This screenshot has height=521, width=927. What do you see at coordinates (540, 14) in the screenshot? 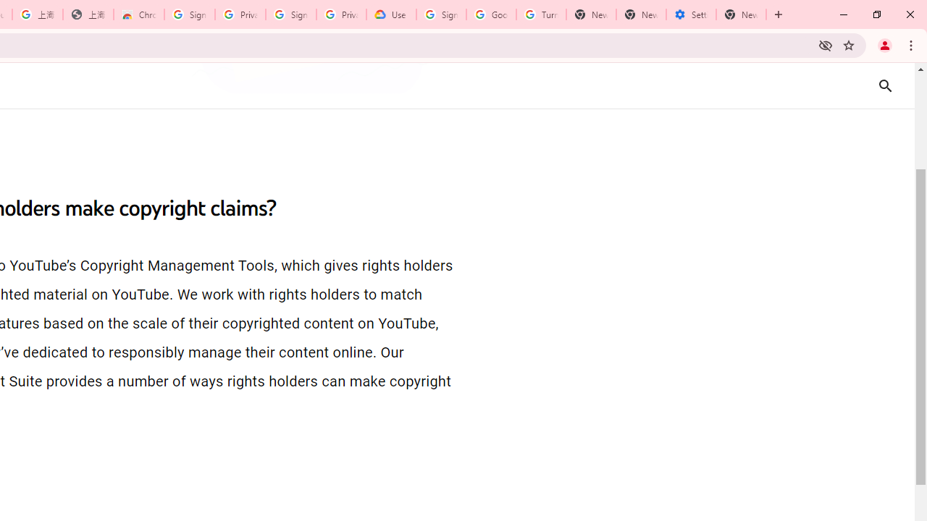
I see `'Turn cookies on or off - Computer - Google Account Help'` at bounding box center [540, 14].